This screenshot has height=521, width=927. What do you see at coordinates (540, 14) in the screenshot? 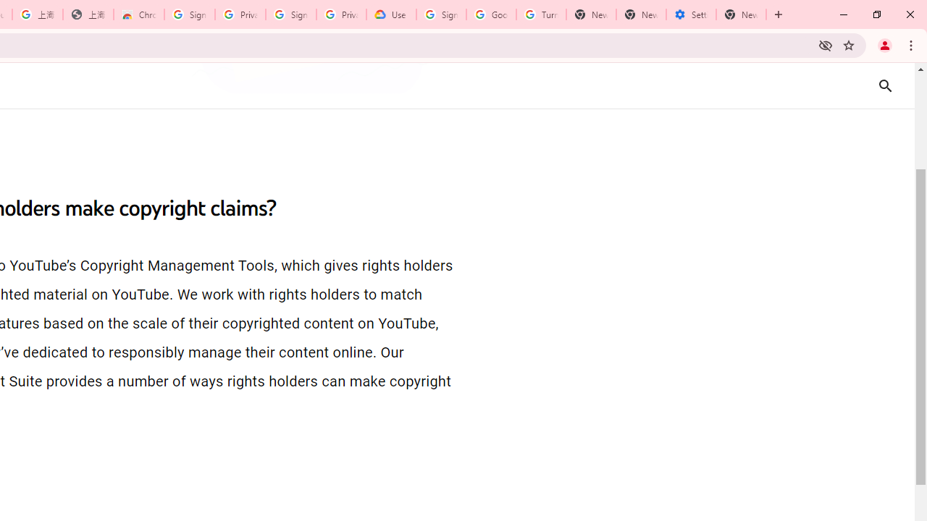
I see `'Turn cookies on or off - Computer - Google Account Help'` at bounding box center [540, 14].